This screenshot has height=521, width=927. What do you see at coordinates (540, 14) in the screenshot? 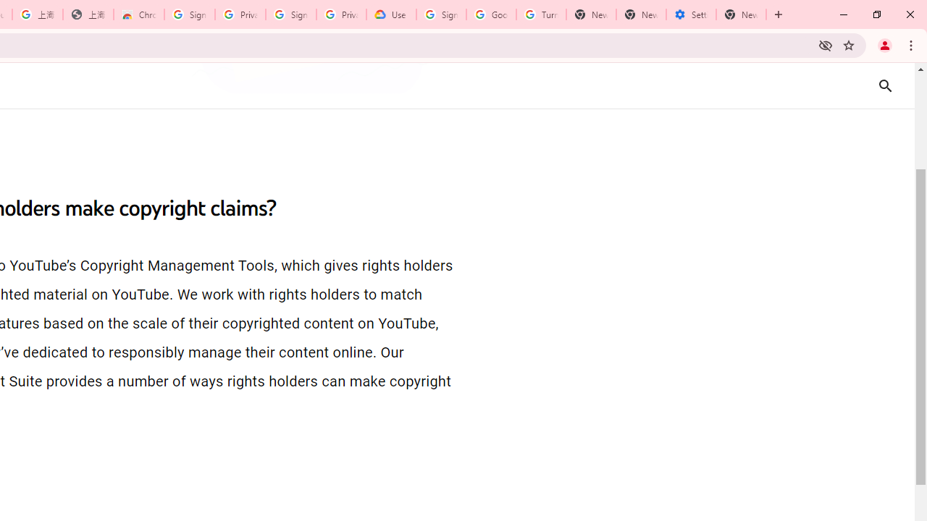
I see `'Turn cookies on or off - Computer - Google Account Help'` at bounding box center [540, 14].